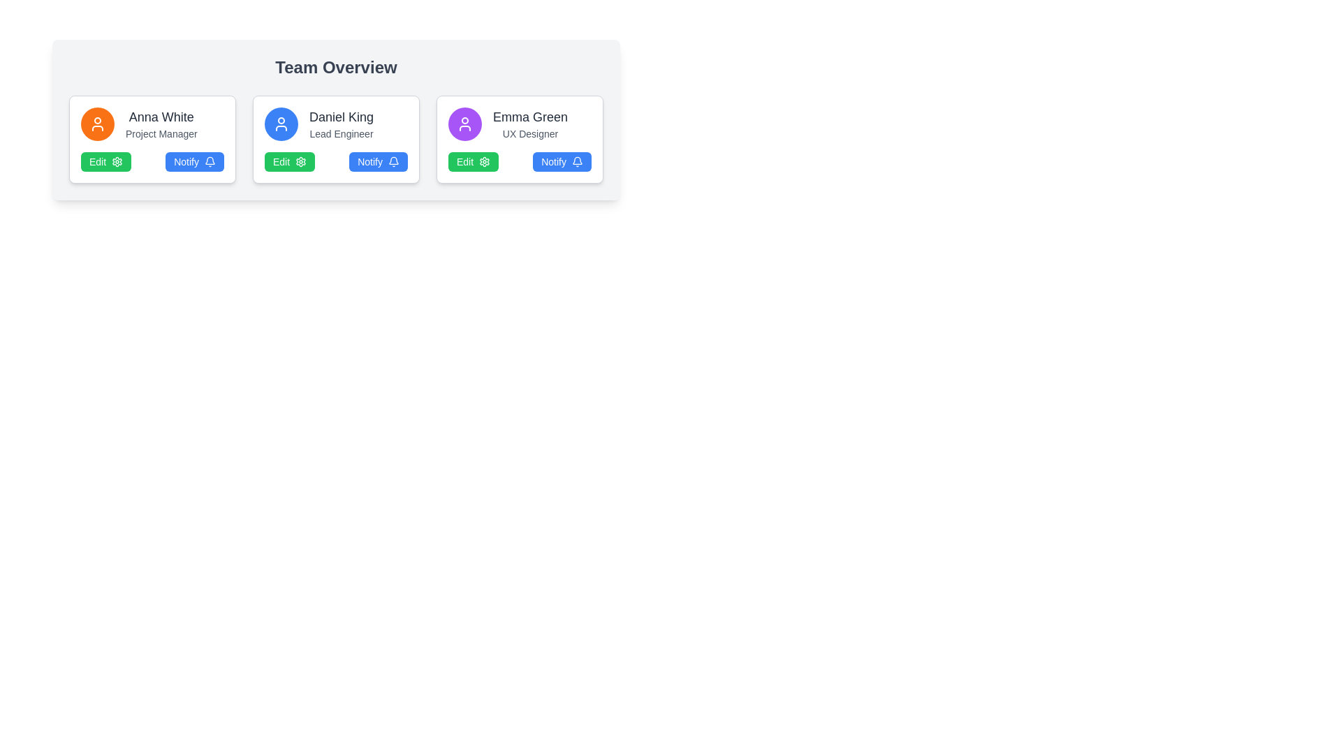  What do you see at coordinates (393, 161) in the screenshot?
I see `the notification bell icon located to the right of the 'Notify' text in the button of the second card under 'Team Overview'` at bounding box center [393, 161].